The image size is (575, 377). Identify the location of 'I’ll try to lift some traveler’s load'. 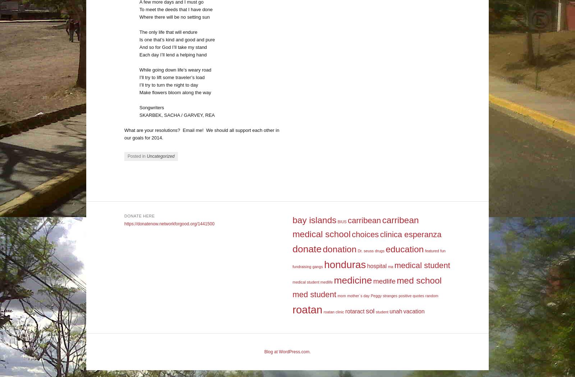
(171, 77).